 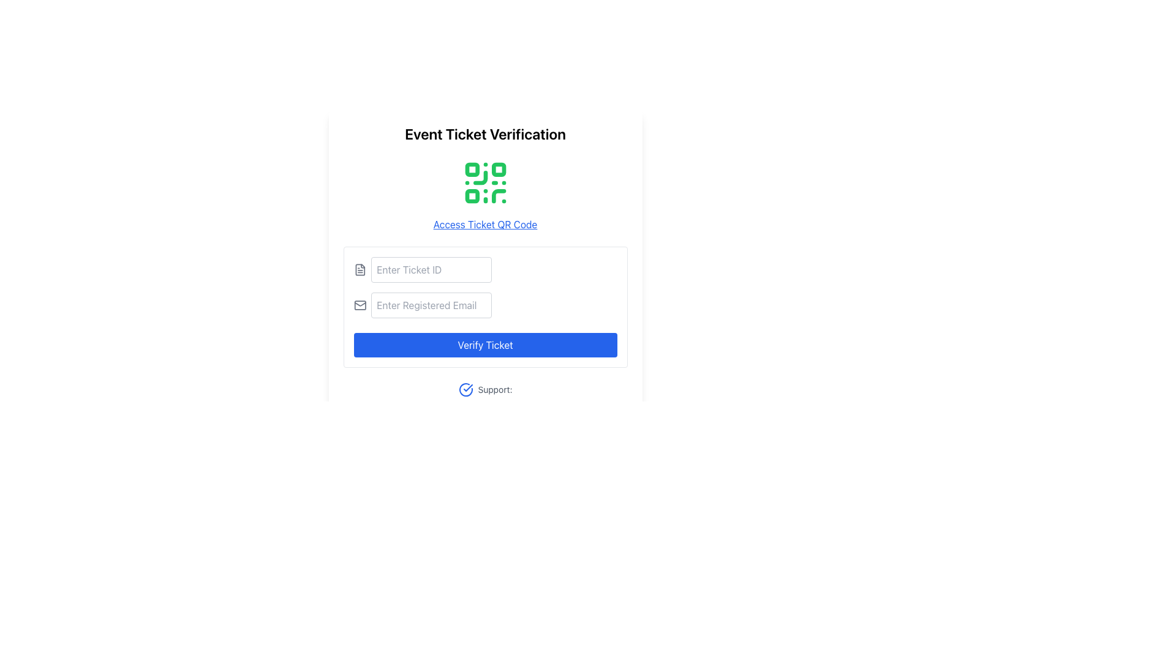 I want to click on the file icon, which is a minimalistic gray graphical representation with a folded corner, located near the 'Enter Ticket ID' input field, so click(x=359, y=269).